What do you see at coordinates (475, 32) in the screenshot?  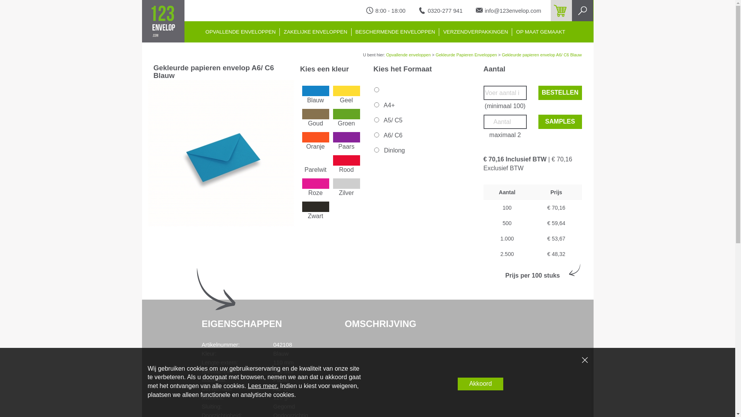 I see `'VERZENDVERPAKKINGEN'` at bounding box center [475, 32].